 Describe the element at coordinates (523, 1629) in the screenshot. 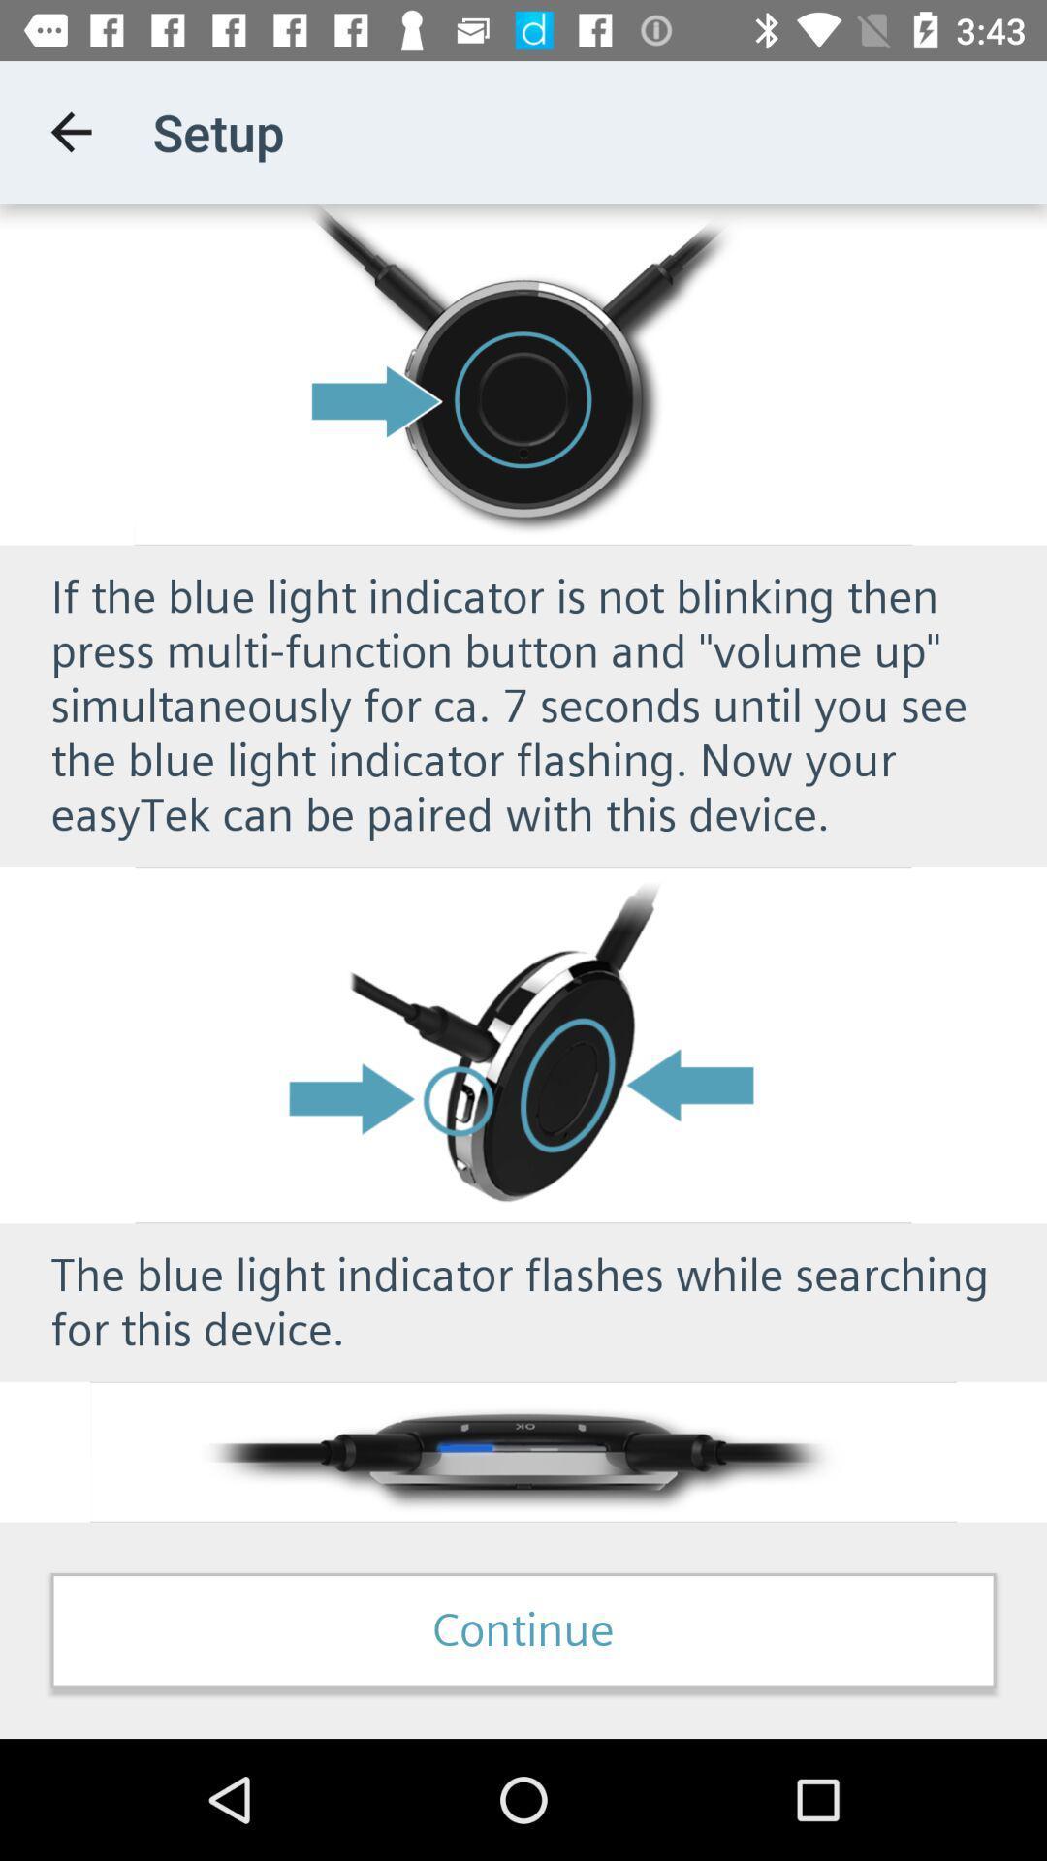

I see `the continue item` at that location.